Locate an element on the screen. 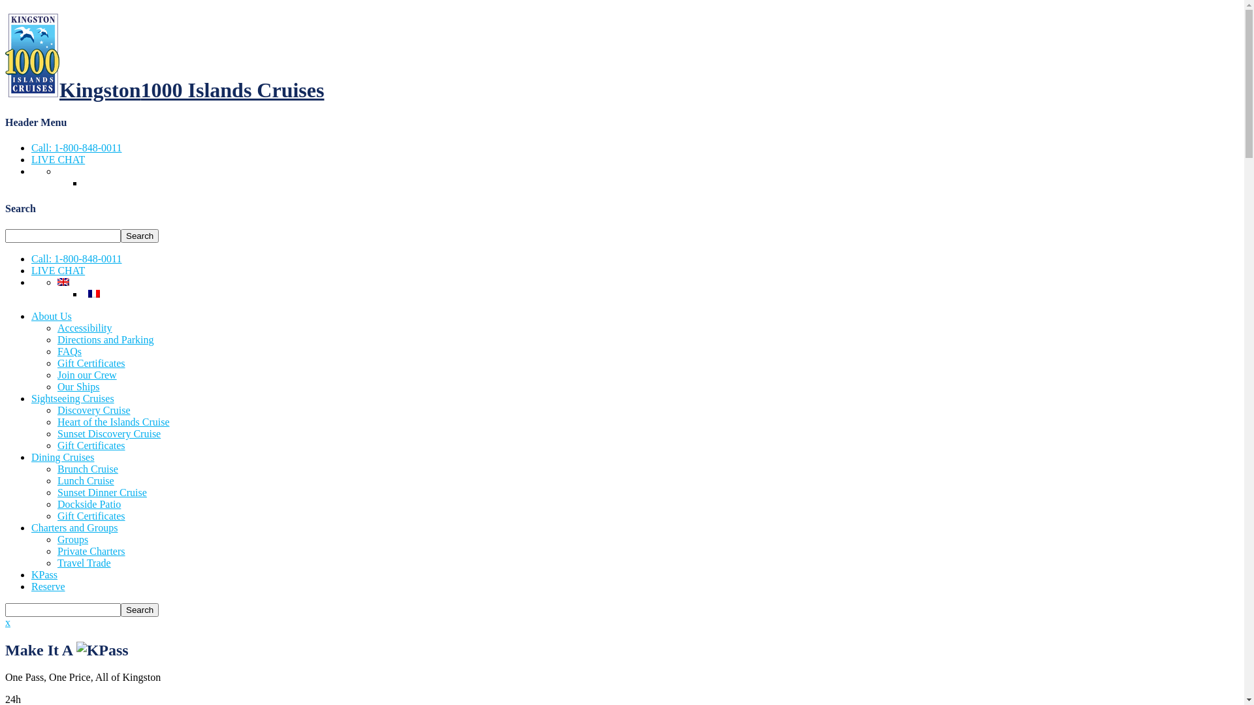 Image resolution: width=1254 pixels, height=705 pixels. 'Directions and Parking' is located at coordinates (106, 339).